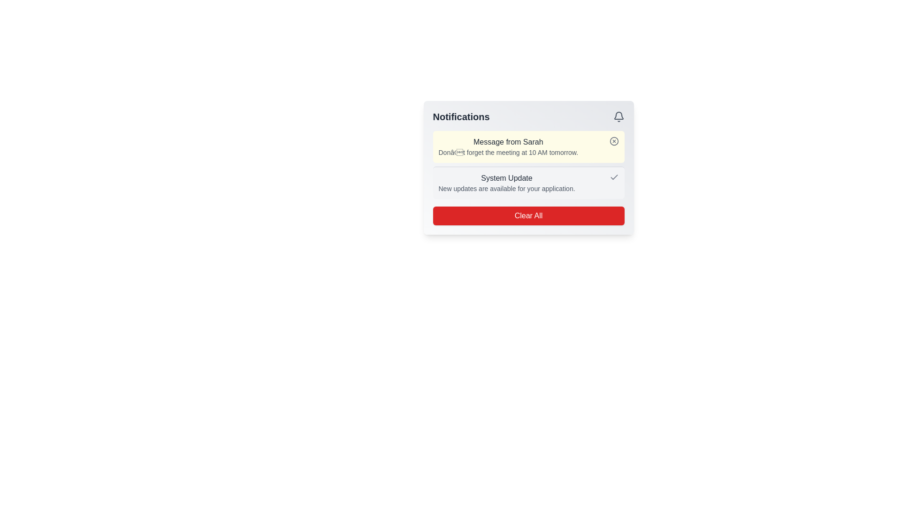 This screenshot has height=507, width=901. What do you see at coordinates (528, 146) in the screenshot?
I see `message content from the notification item from Sarah about an upcoming meeting, which is the first notification in the notification panel` at bounding box center [528, 146].